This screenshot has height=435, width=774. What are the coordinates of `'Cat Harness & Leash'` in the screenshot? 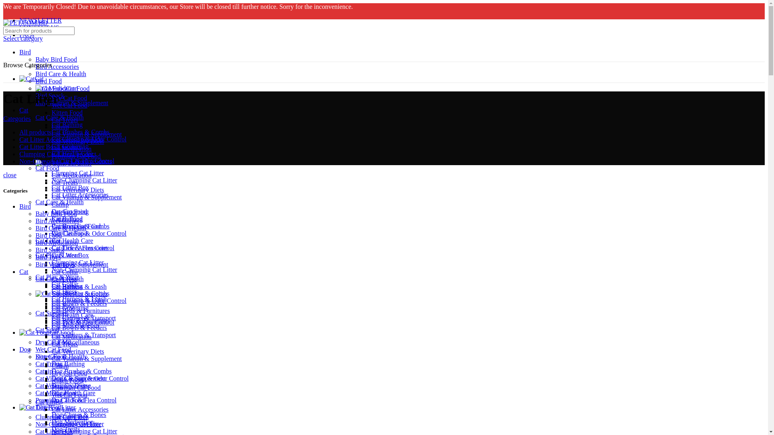 It's located at (79, 286).